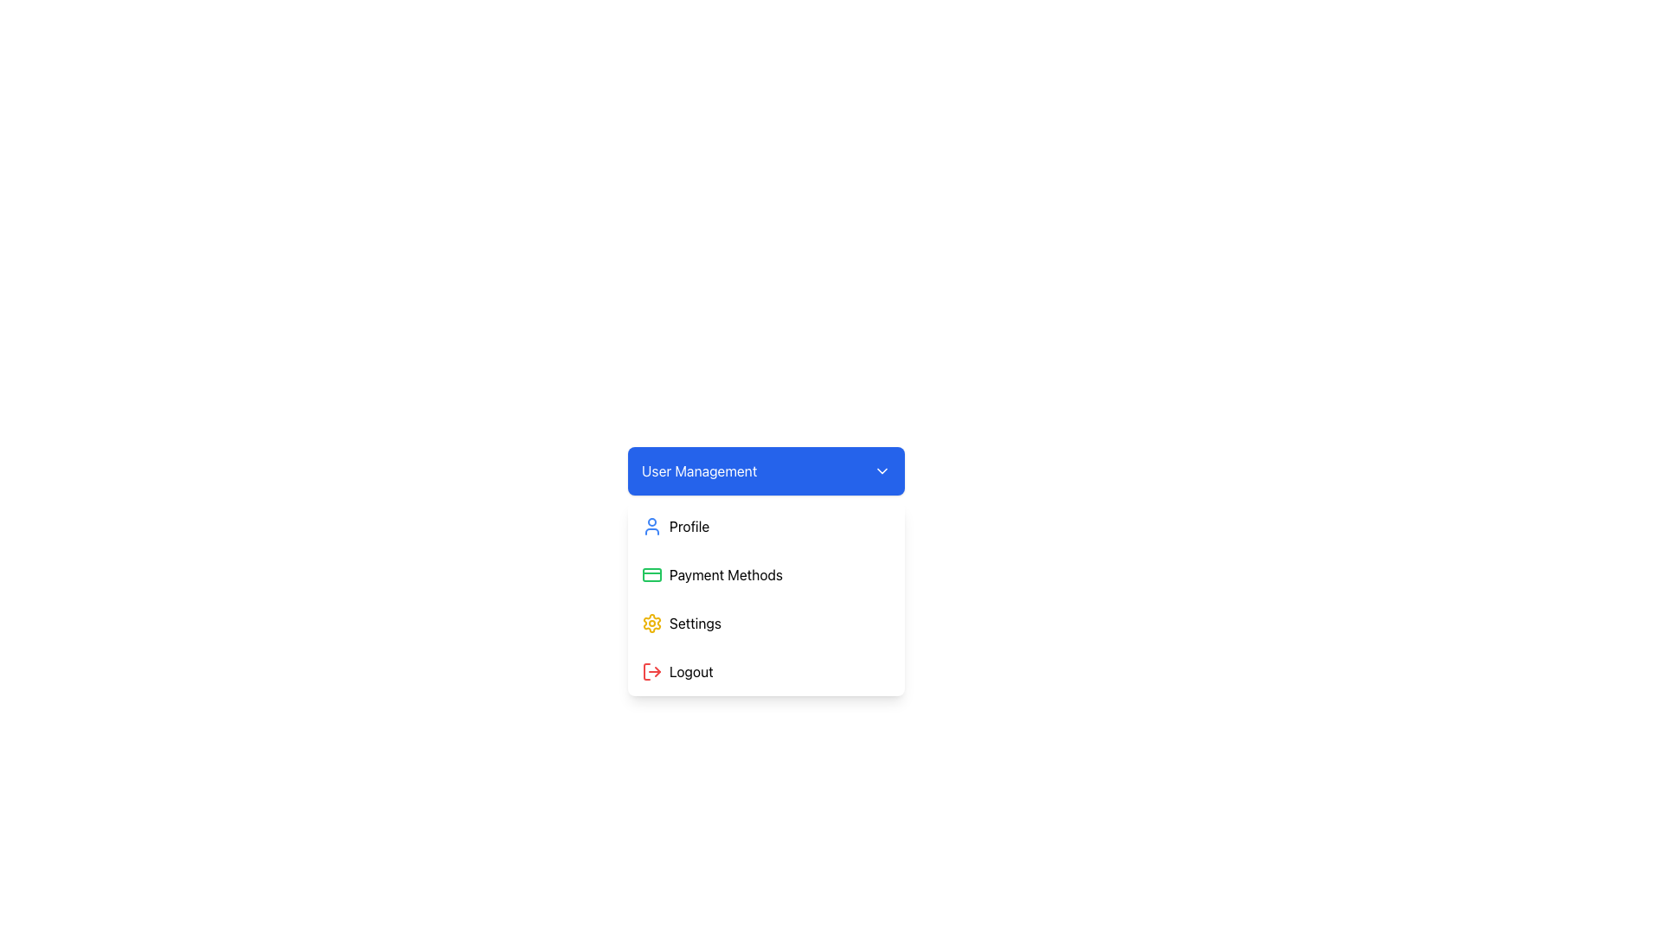 Image resolution: width=1661 pixels, height=934 pixels. What do you see at coordinates (651, 574) in the screenshot?
I see `the payment methods icon located near the left of the 'Payment Methods' text in the dropdown menu under the 'User Management' section` at bounding box center [651, 574].